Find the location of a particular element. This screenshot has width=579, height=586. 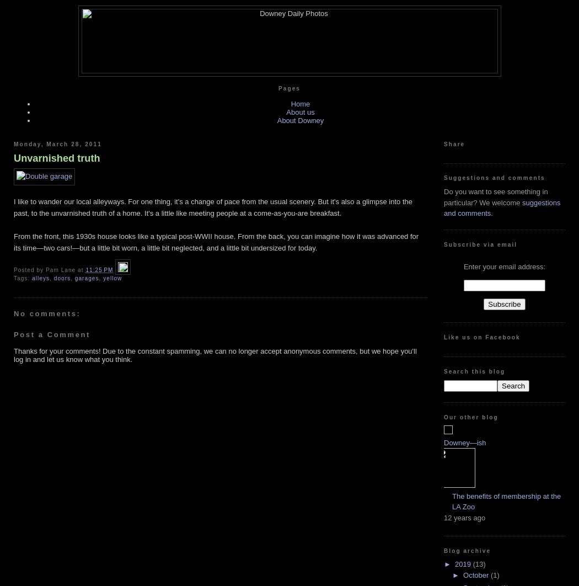

'Suggestions and comments' is located at coordinates (494, 177).